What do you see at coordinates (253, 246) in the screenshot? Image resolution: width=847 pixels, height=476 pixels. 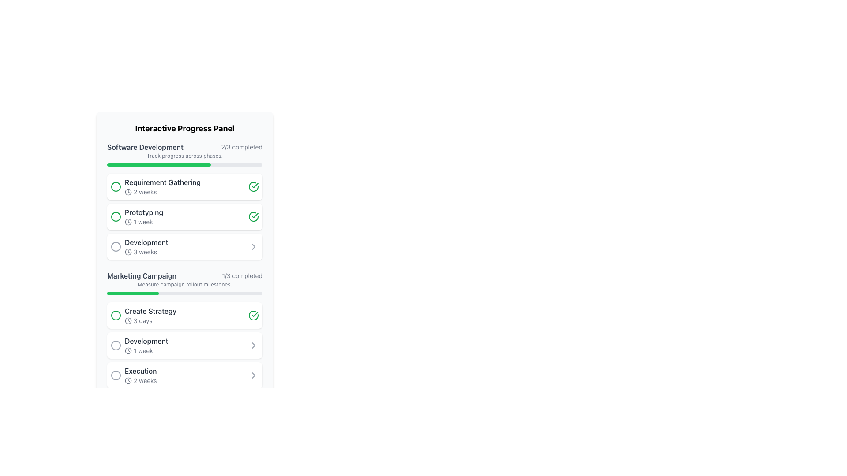 I see `the triangular arrow icon pointing to the right, located next to the 'Development' task under the 'Marketing Campaign' category` at bounding box center [253, 246].